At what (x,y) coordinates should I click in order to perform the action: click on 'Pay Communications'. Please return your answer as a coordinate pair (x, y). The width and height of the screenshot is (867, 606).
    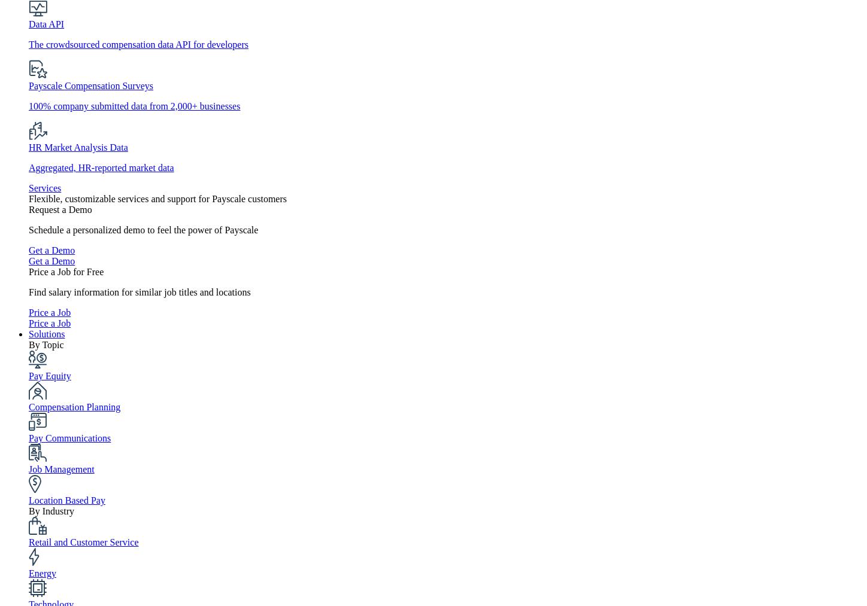
    Looking at the image, I should click on (69, 438).